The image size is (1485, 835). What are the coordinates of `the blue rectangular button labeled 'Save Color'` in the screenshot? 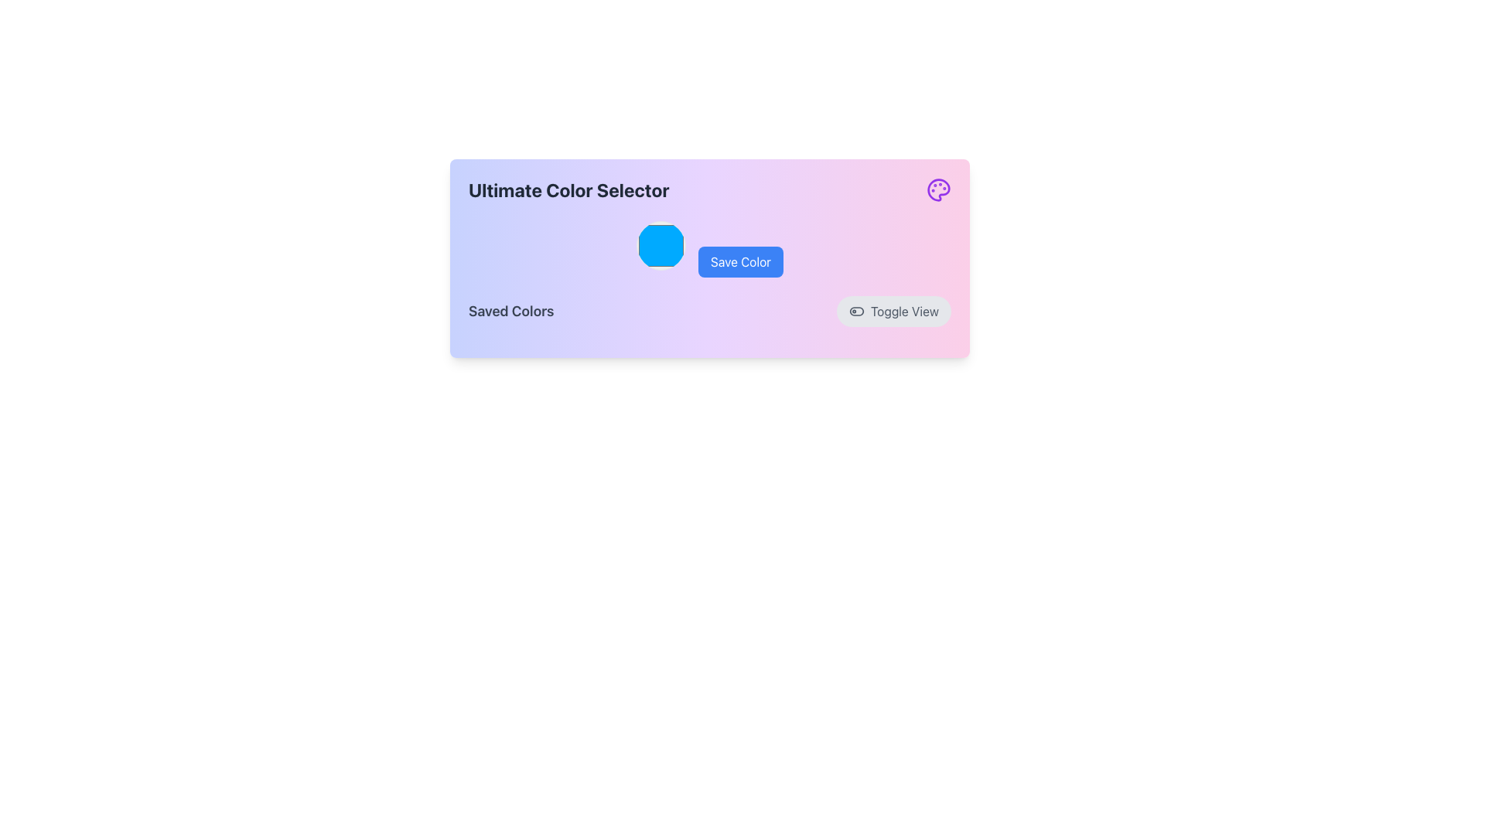 It's located at (740, 261).